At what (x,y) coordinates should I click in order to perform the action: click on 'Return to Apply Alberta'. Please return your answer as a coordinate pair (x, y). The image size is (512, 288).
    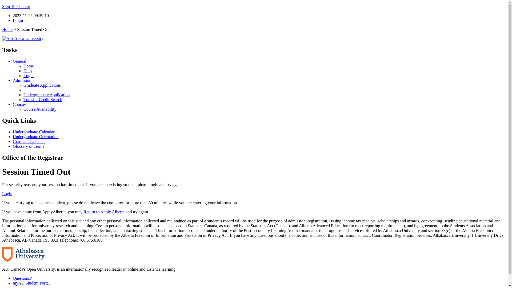
    Looking at the image, I should click on (104, 211).